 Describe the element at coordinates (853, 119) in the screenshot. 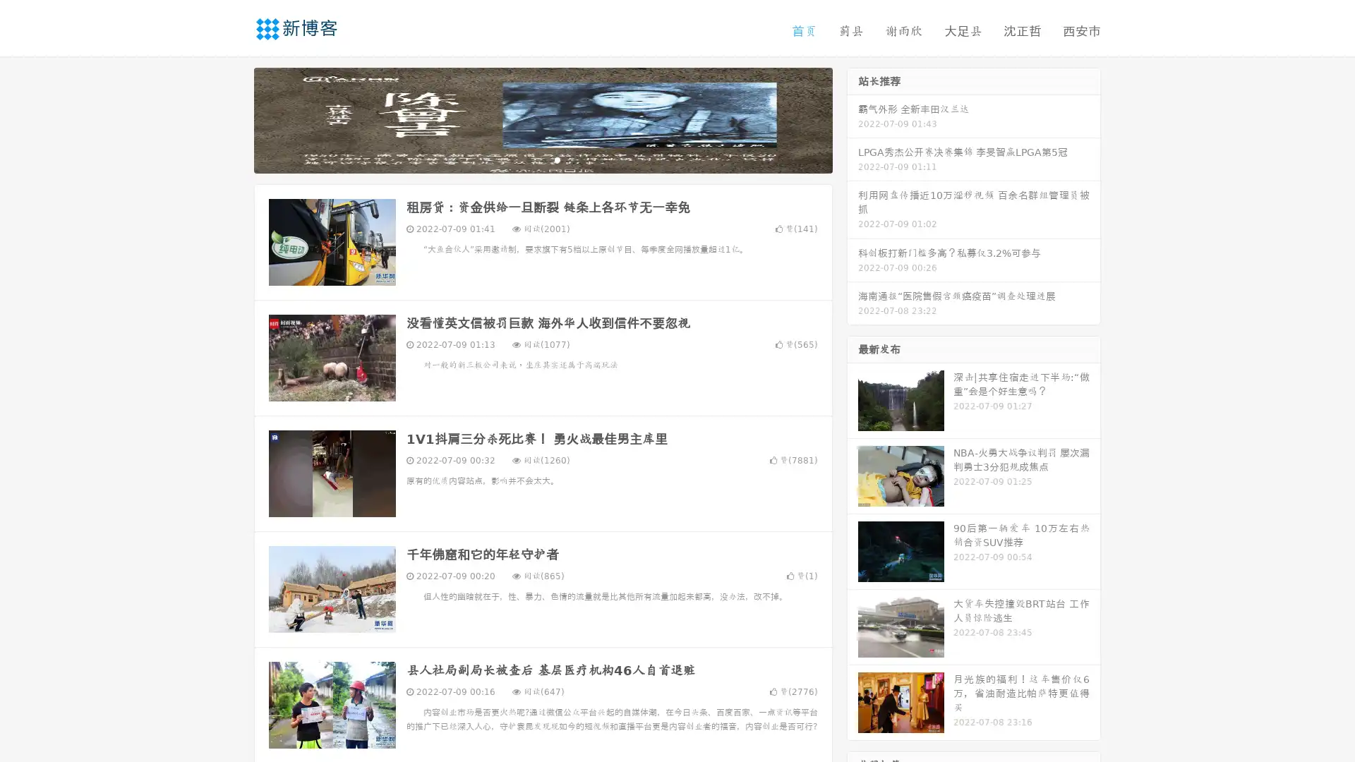

I see `Next slide` at that location.